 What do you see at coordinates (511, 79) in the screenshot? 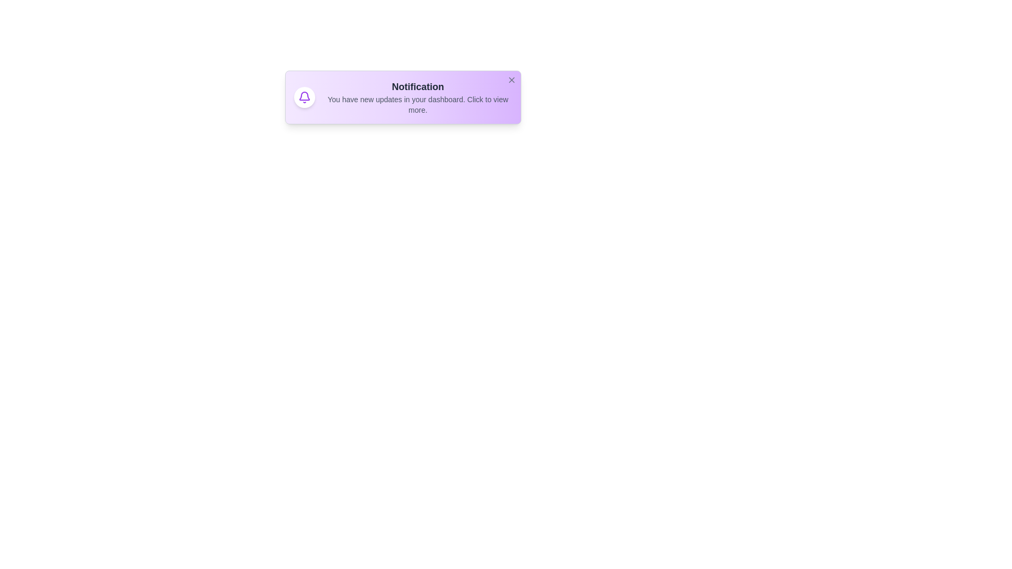
I see `the close button located at the top-right corner of the notification card, adjacent to the 'Notification' text` at bounding box center [511, 79].